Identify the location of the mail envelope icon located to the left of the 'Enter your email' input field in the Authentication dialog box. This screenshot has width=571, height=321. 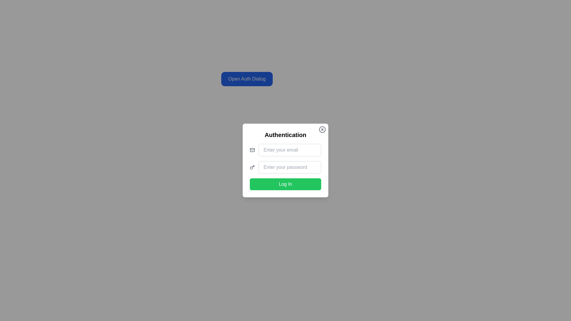
(252, 150).